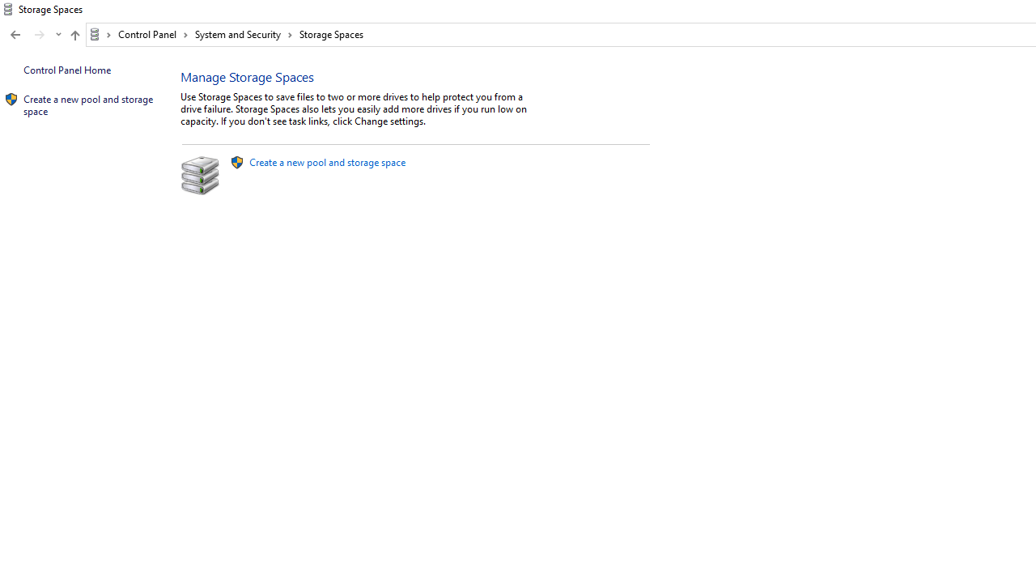  Describe the element at coordinates (66, 69) in the screenshot. I see `'Control Panel Home'` at that location.